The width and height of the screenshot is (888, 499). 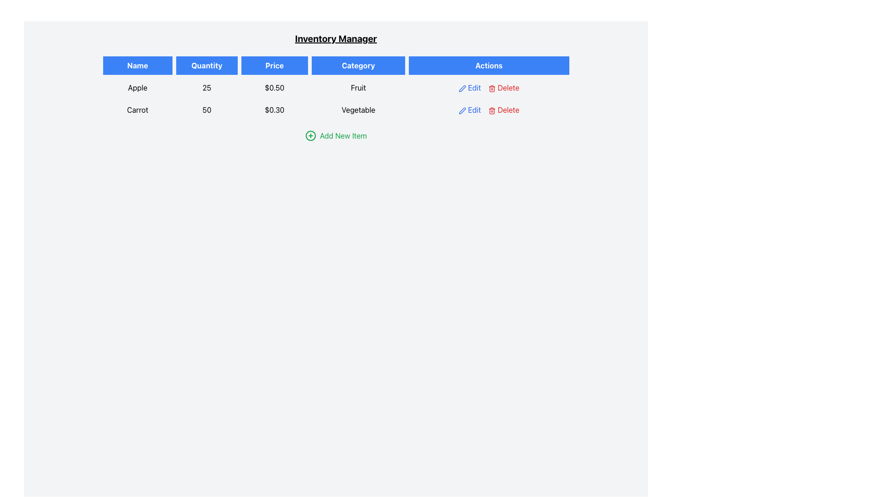 I want to click on the 'Delete' button for the 'Carrot' item in the Actions column of the table, so click(x=503, y=110).